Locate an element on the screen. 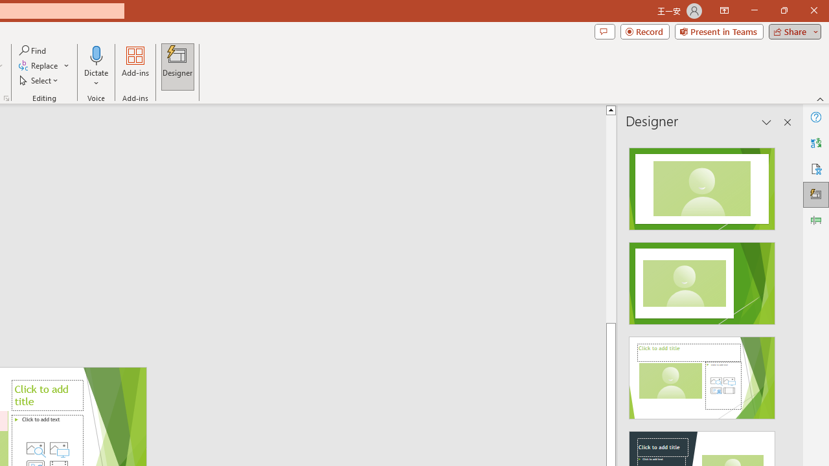 The height and width of the screenshot is (466, 829). 'Animation Pane' is located at coordinates (815, 219).